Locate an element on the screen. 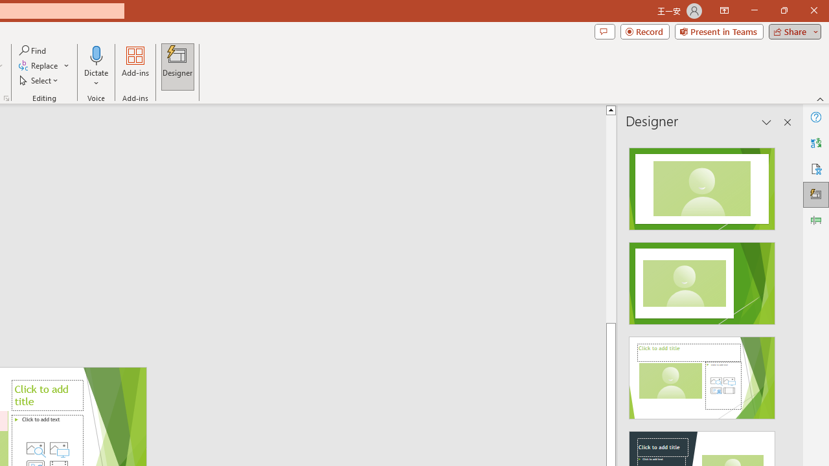 The height and width of the screenshot is (466, 829). 'Animation Pane' is located at coordinates (815, 219).